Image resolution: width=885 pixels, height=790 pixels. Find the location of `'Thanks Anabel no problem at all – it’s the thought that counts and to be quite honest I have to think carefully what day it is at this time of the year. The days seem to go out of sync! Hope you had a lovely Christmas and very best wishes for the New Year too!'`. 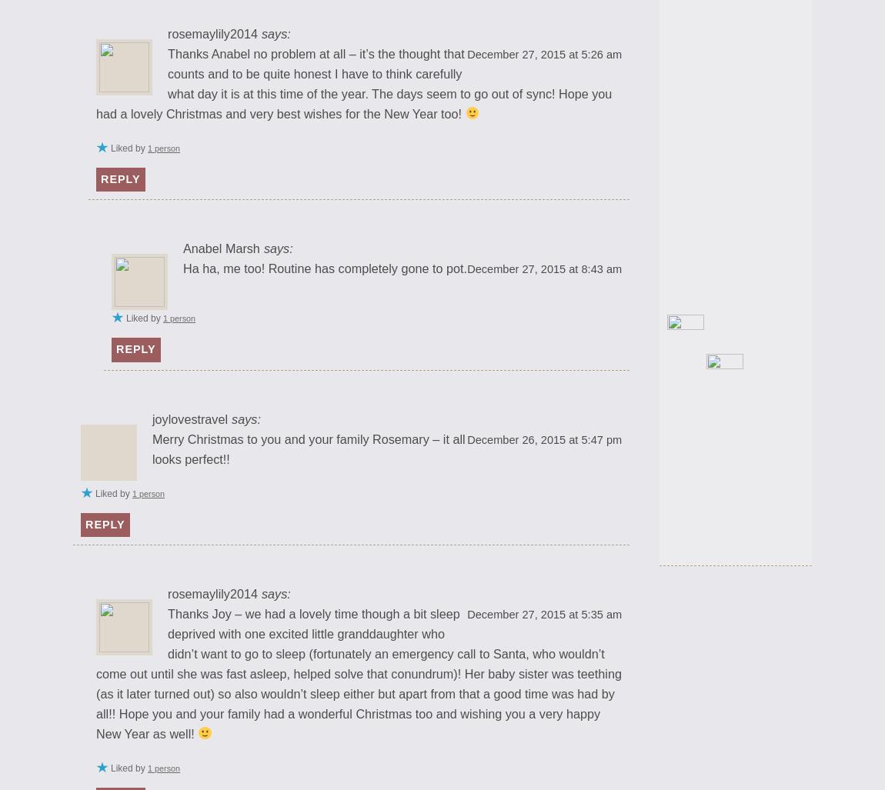

'Thanks Anabel no problem at all – it’s the thought that counts and to be quite honest I have to think carefully what day it is at this time of the year. The days seem to go out of sync! Hope you had a lovely Christmas and very best wishes for the New Year too!' is located at coordinates (354, 82).